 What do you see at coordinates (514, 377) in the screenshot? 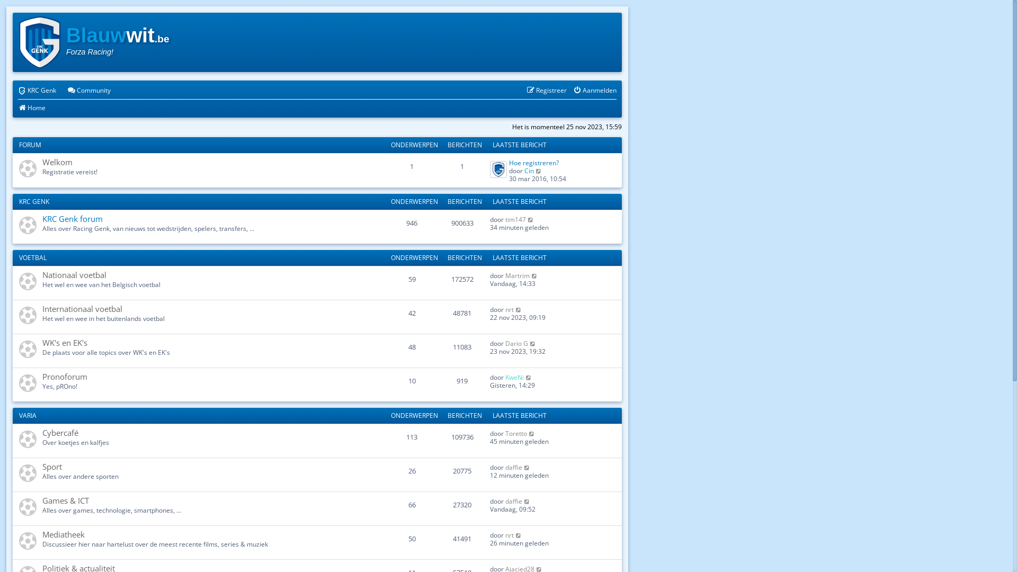
I see `'KweNi'` at bounding box center [514, 377].